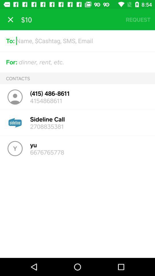  What do you see at coordinates (15, 148) in the screenshot?
I see `icon on the bottom left corner` at bounding box center [15, 148].